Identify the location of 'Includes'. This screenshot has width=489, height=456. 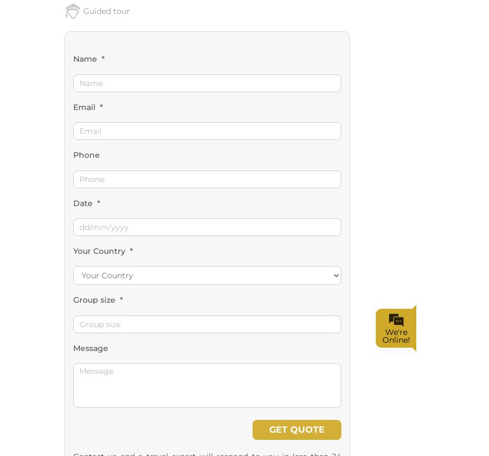
(90, 322).